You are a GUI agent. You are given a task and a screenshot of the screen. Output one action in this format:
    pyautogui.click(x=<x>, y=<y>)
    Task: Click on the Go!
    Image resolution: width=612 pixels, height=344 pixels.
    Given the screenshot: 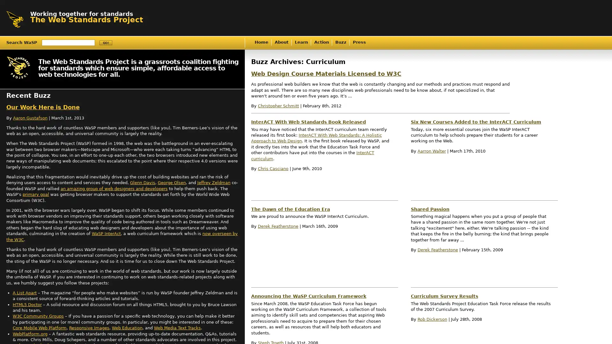 What is the action you would take?
    pyautogui.click(x=106, y=43)
    